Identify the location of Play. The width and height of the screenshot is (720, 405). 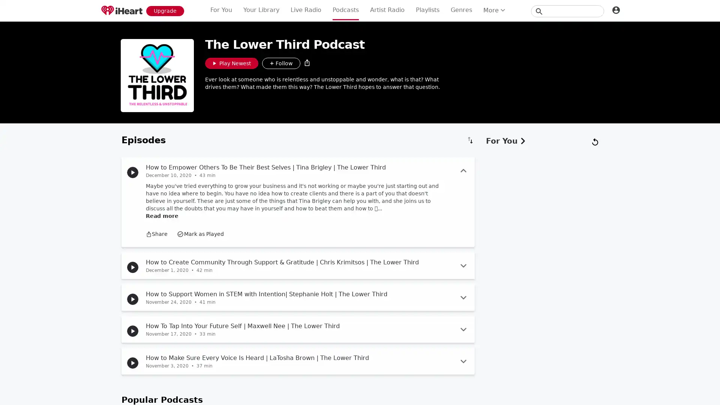
(133, 363).